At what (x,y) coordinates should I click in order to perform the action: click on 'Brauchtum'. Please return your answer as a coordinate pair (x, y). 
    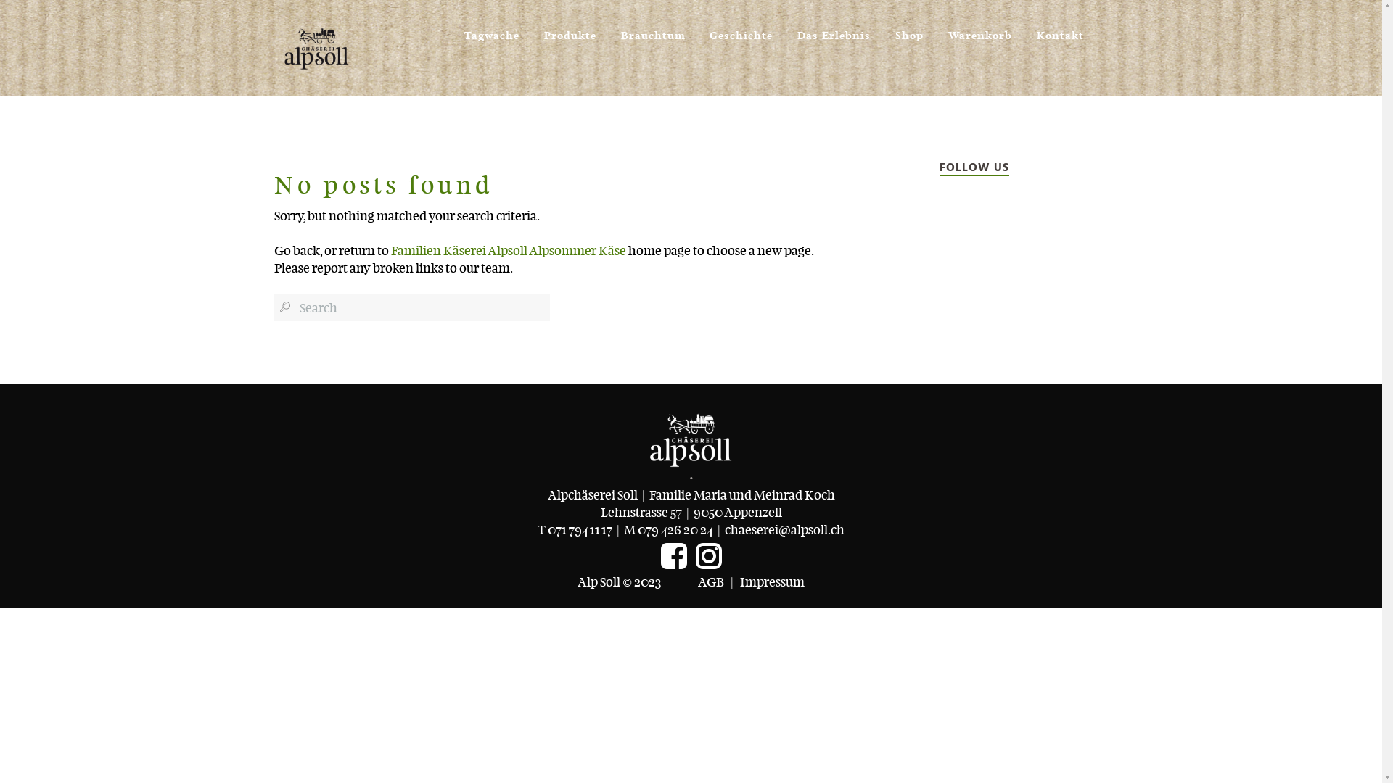
    Looking at the image, I should click on (620, 29).